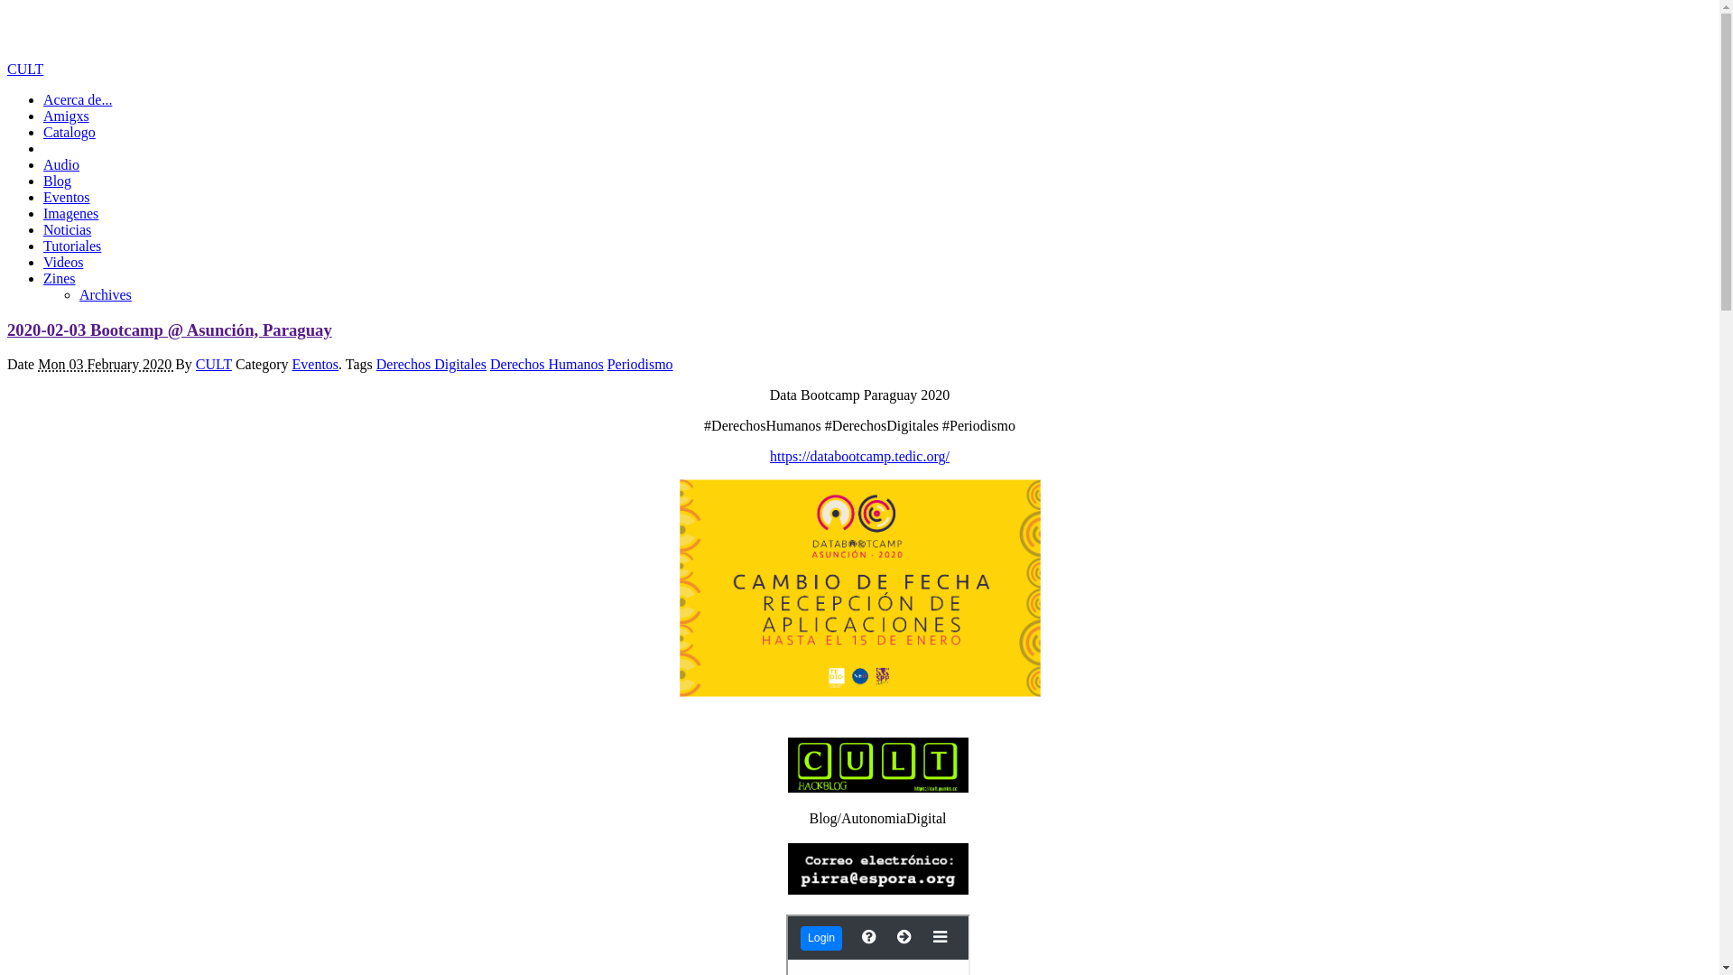 The image size is (1733, 975). I want to click on 'CULT', so click(213, 364).